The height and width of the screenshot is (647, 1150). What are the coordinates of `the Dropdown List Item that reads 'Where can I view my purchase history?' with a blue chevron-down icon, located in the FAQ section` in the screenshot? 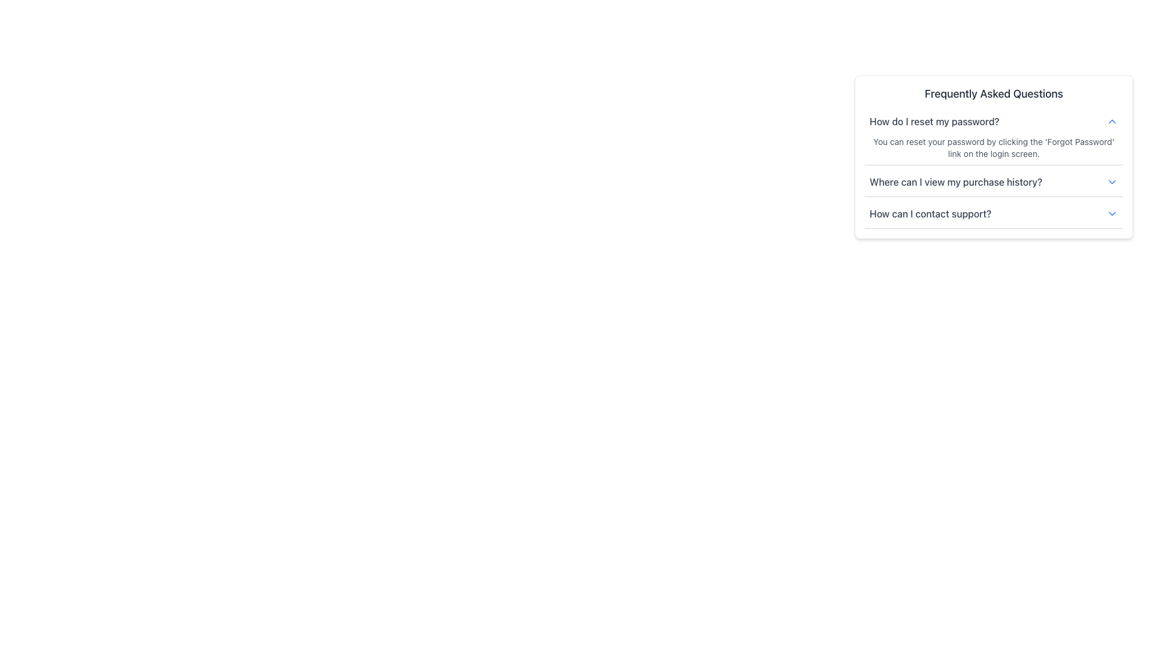 It's located at (994, 182).